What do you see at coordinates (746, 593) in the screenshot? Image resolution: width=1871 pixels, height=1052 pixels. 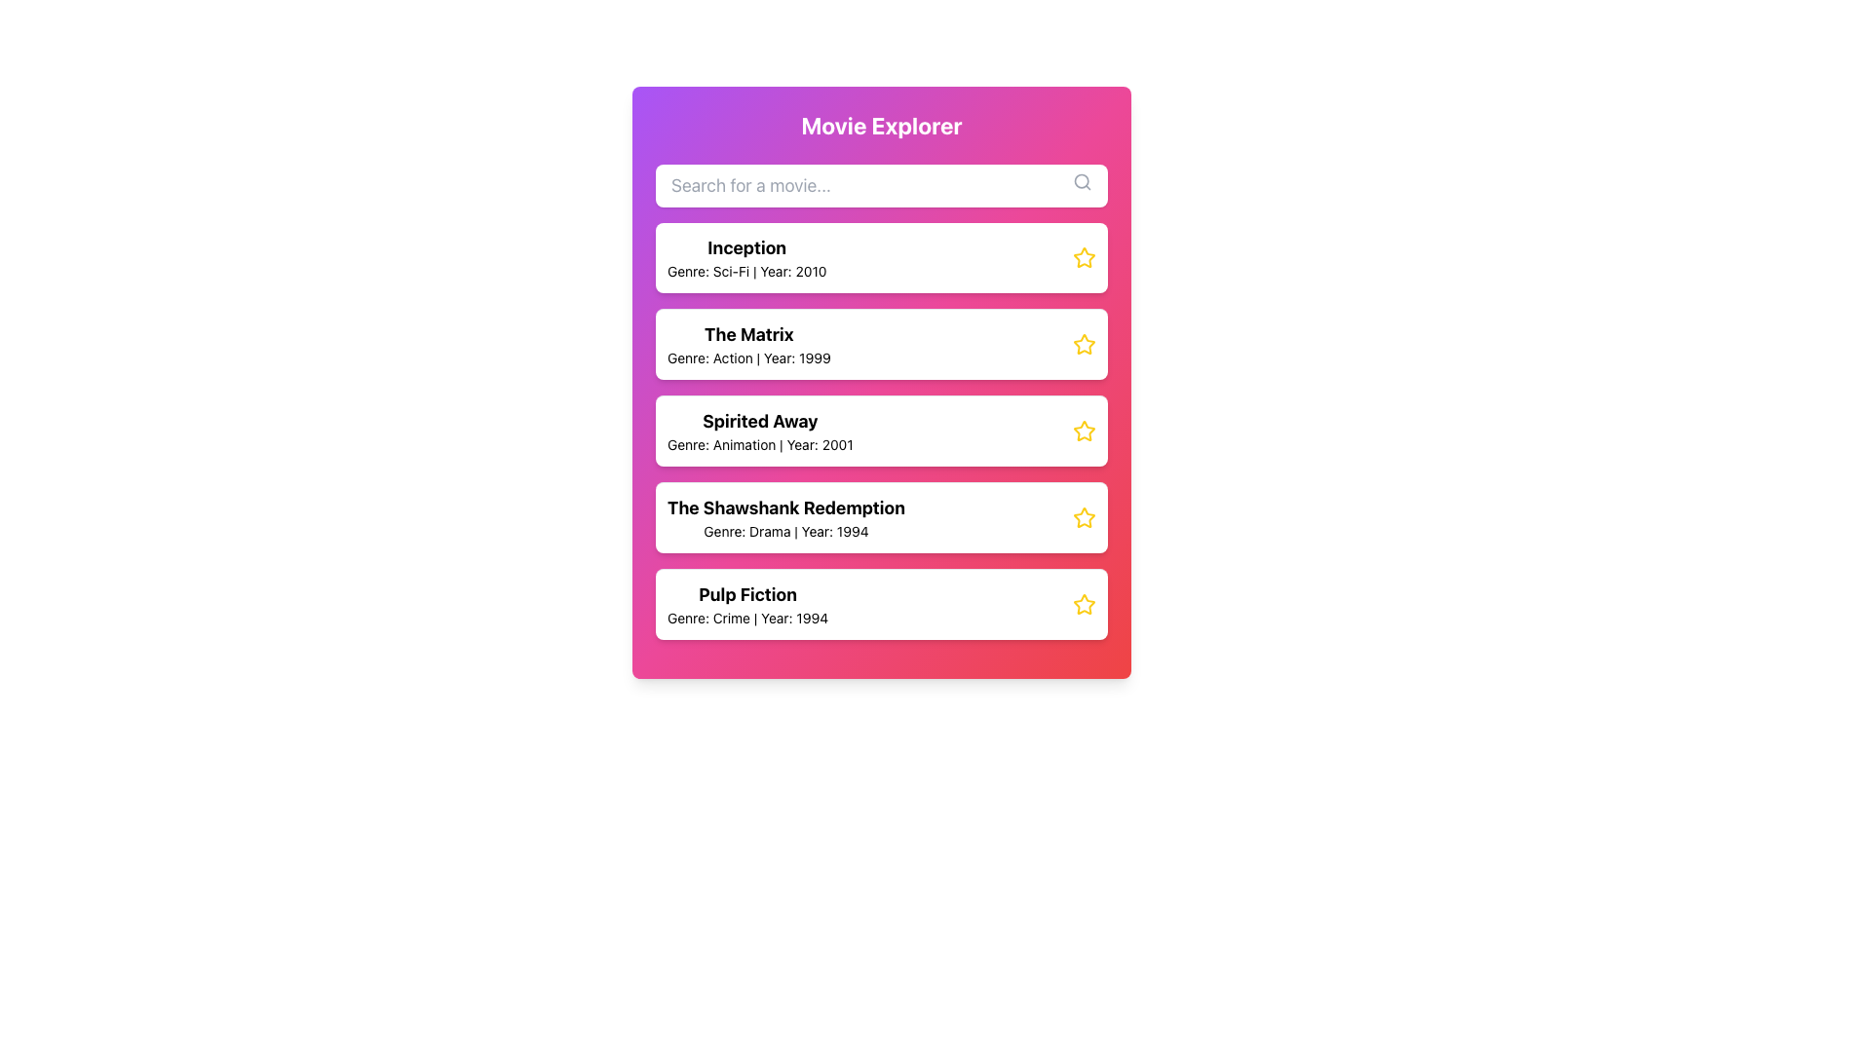 I see `text displayed in the Text Label located in the bottom card of the list on the main panel, positioned directly above the subtitle line 'Genre: Crime | Year: 1994'` at bounding box center [746, 593].